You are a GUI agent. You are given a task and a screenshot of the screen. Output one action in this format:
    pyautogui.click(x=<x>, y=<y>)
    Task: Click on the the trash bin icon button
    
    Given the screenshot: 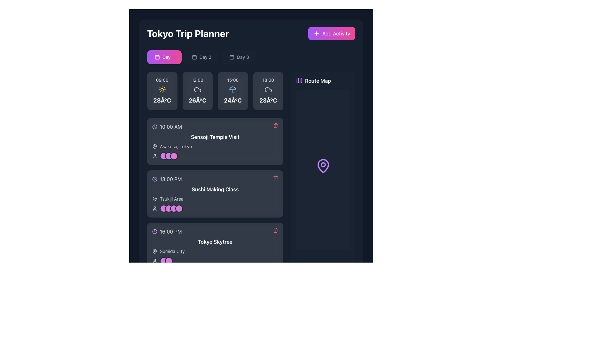 What is the action you would take?
    pyautogui.click(x=276, y=230)
    